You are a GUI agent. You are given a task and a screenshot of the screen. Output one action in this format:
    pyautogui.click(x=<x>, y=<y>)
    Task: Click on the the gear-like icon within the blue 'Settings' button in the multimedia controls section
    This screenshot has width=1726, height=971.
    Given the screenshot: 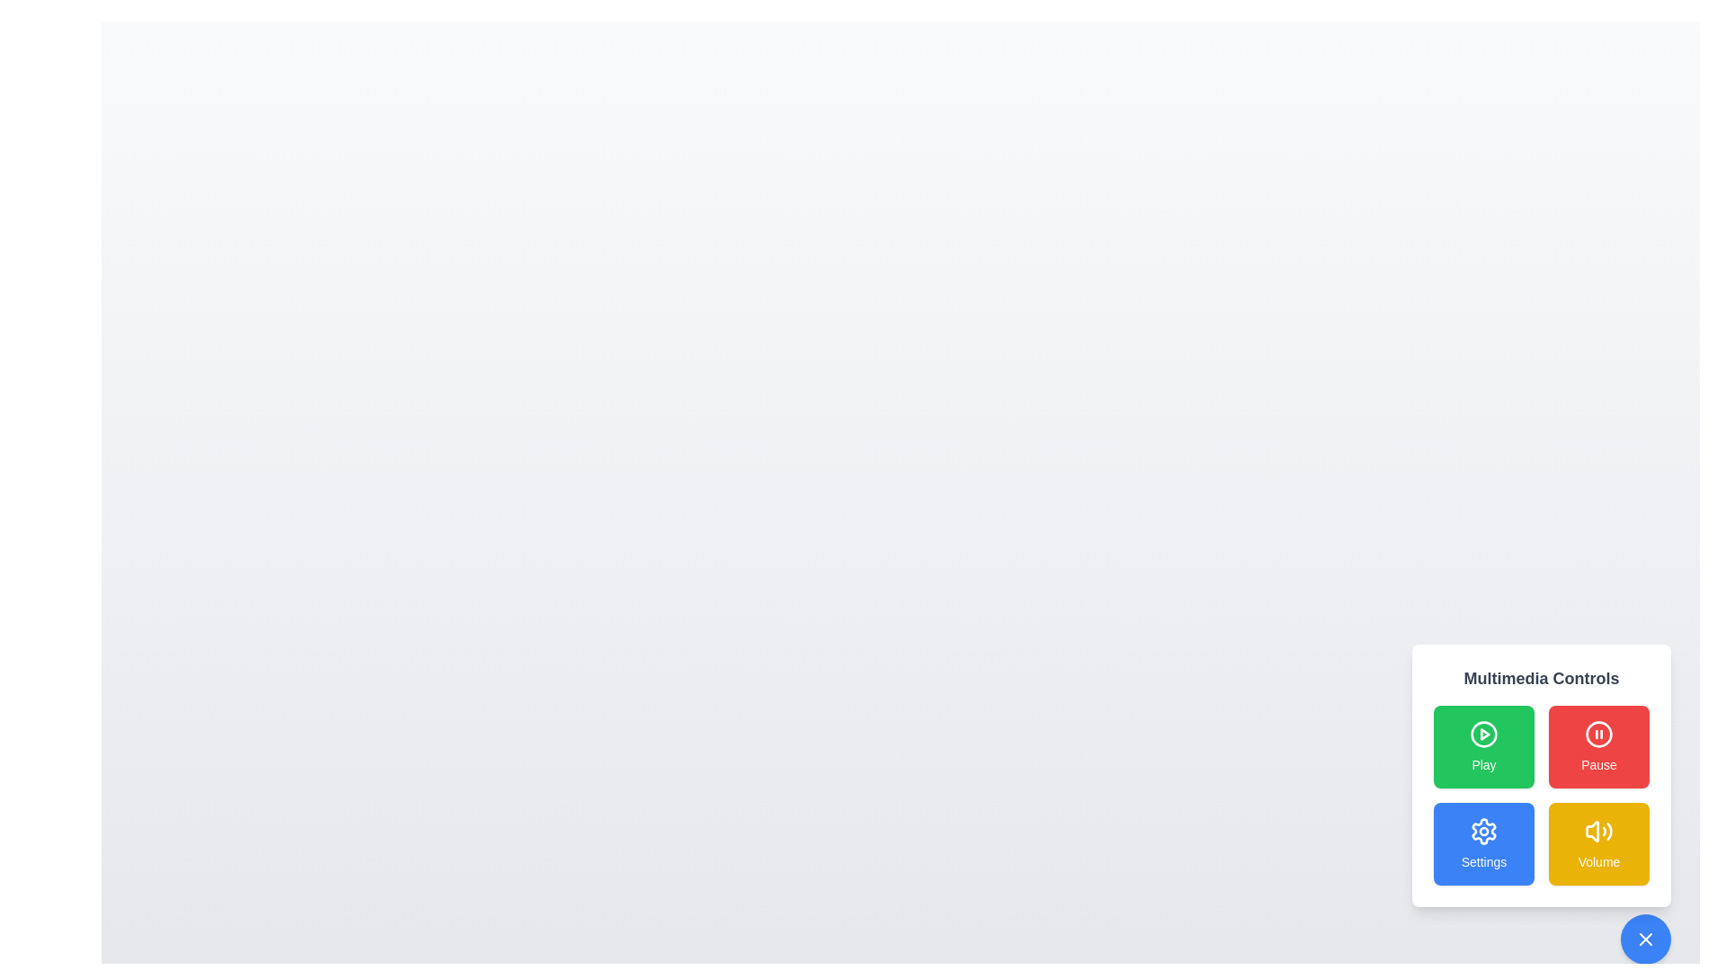 What is the action you would take?
    pyautogui.click(x=1484, y=832)
    